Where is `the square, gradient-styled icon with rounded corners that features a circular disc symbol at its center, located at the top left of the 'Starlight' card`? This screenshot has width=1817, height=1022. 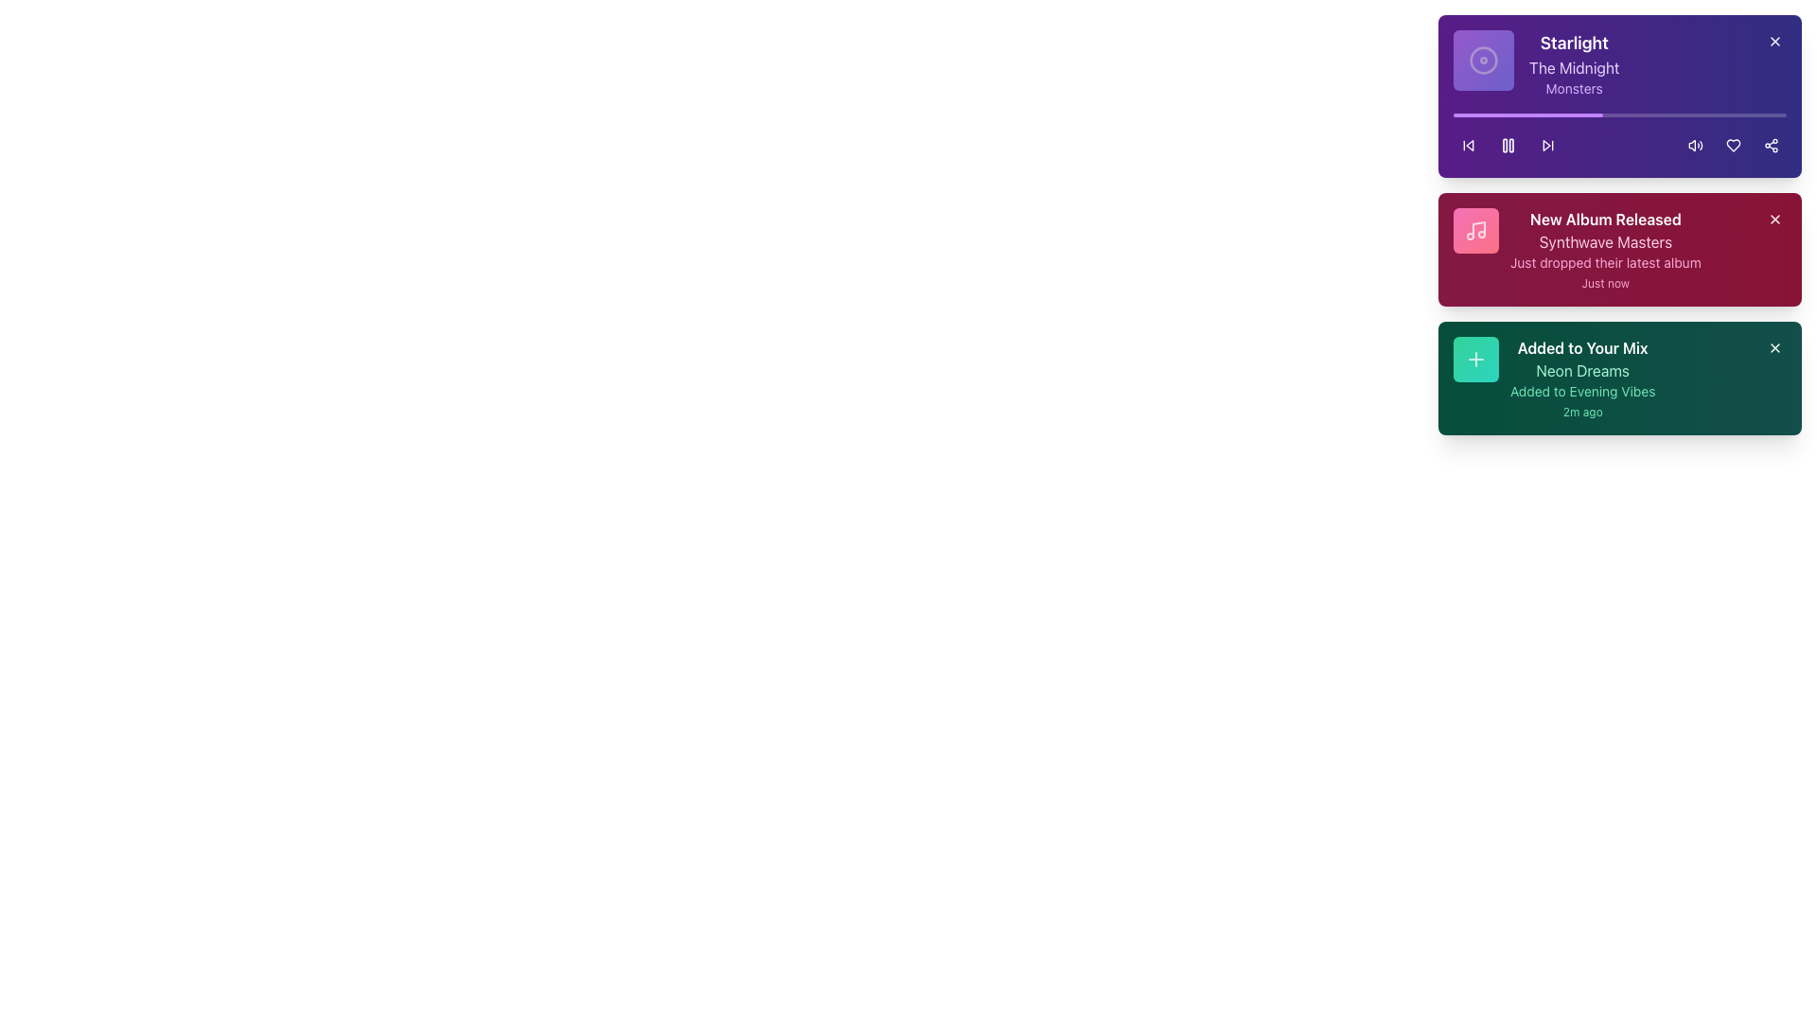 the square, gradient-styled icon with rounded corners that features a circular disc symbol at its center, located at the top left of the 'Starlight' card is located at coordinates (1483, 60).